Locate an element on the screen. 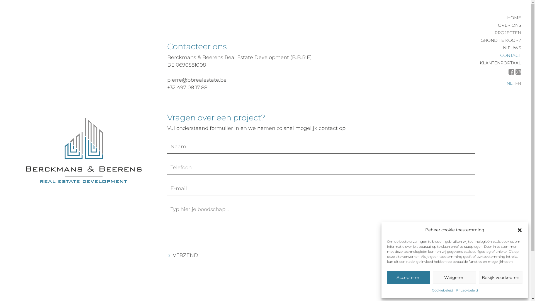 This screenshot has height=301, width=535. 'PROJECTEN' is located at coordinates (495, 33).